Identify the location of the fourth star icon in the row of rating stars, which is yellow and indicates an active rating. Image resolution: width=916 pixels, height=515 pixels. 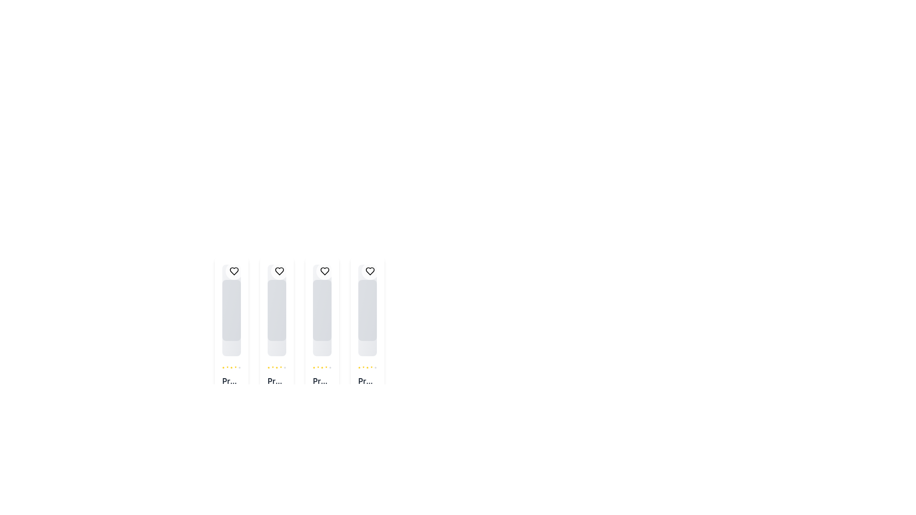
(367, 367).